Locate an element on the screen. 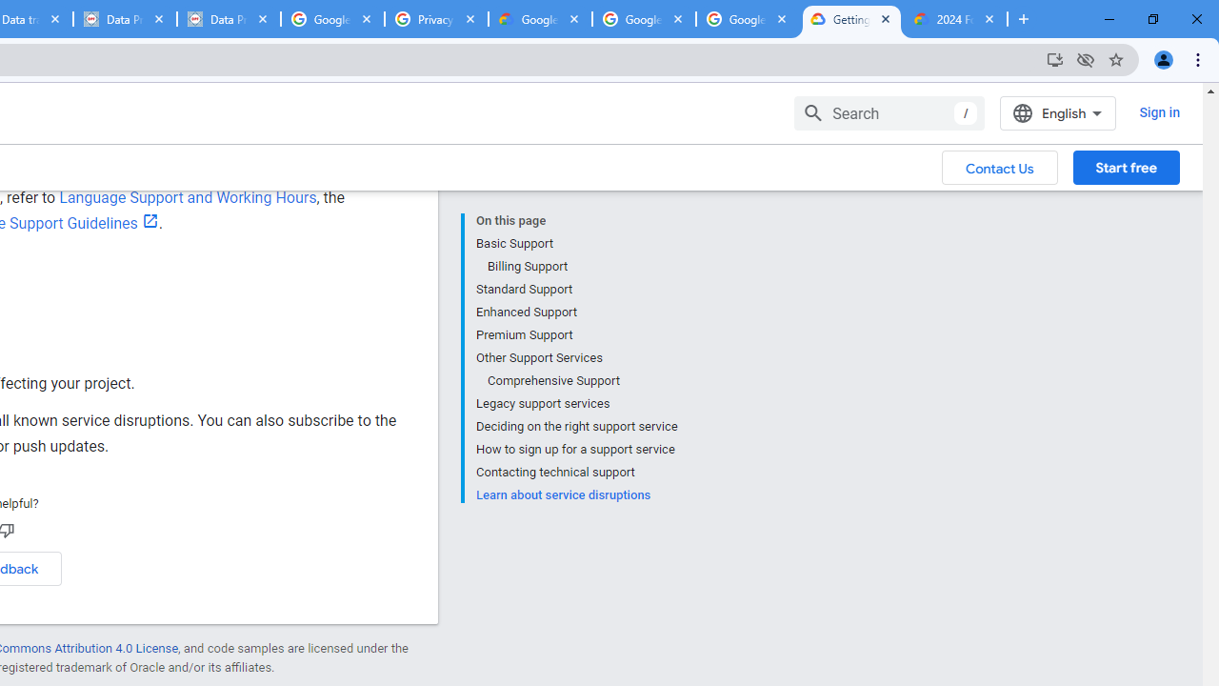  'Basic Support' is located at coordinates (575, 242).